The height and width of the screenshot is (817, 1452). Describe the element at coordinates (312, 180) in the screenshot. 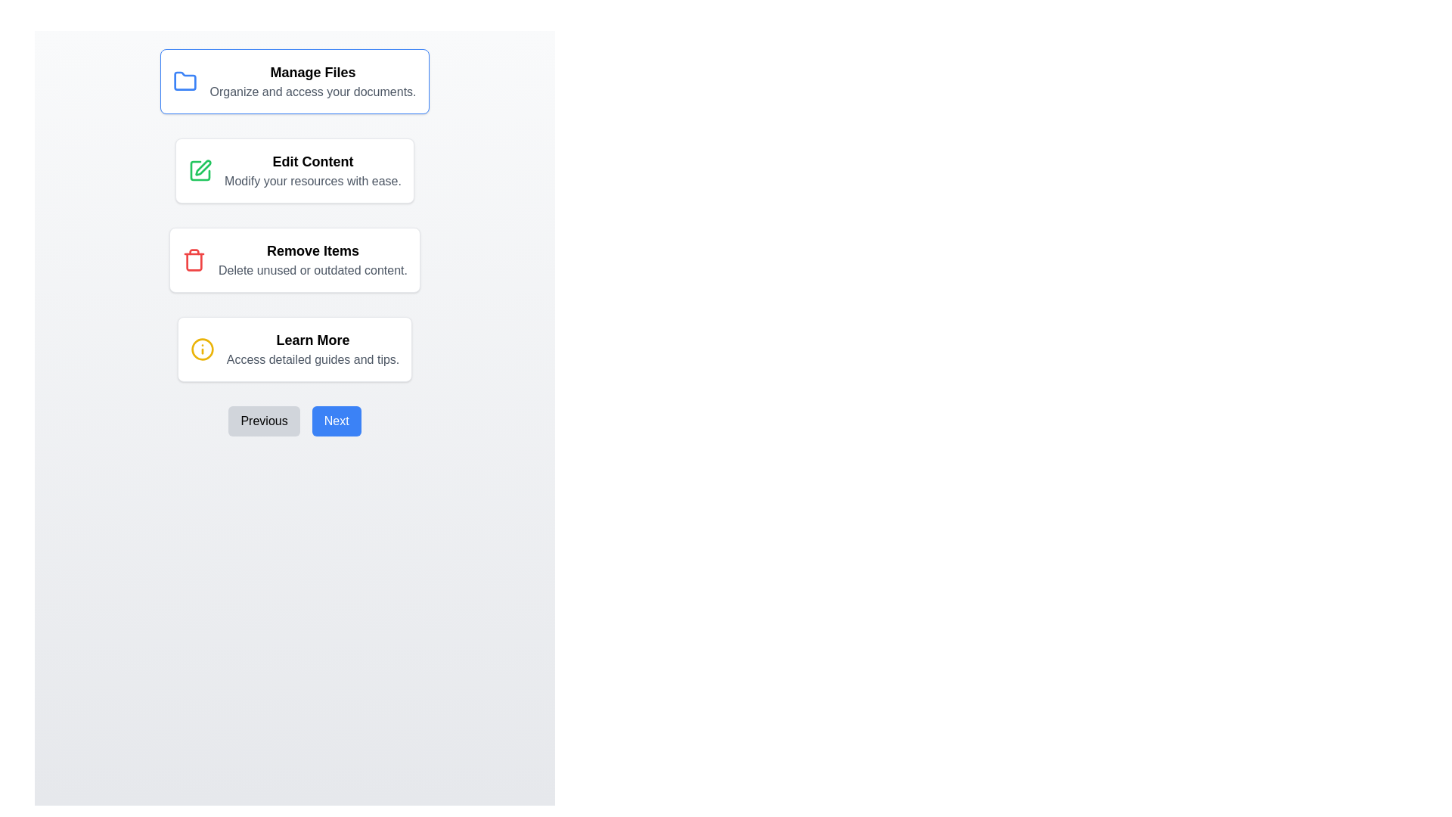

I see `the text label displaying 'Modify your resources with ease.' which is styled as a secondary description beneath the heading 'Edit Content'` at that location.